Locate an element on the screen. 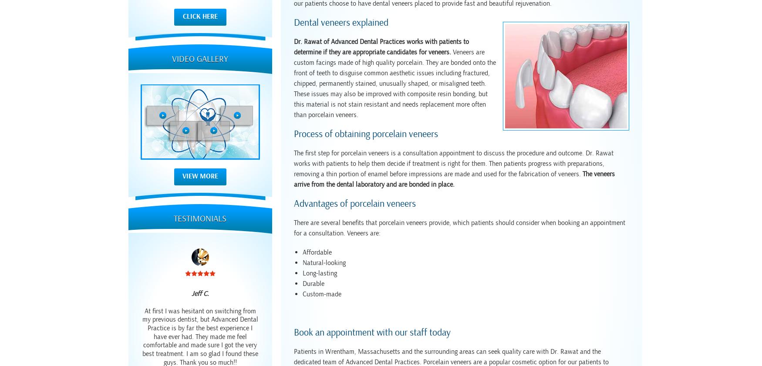 The height and width of the screenshot is (366, 762). 'The first step for porcelain veneers is a consultation appointment to discuss the procedure and outcome. Dr. Rawat works with patients to help them decide if treatment is right for them. Then patients progress with preparations, removing a thin portion of enamel before impressions are made and used for the fabrication of veneers.' is located at coordinates (453, 163).